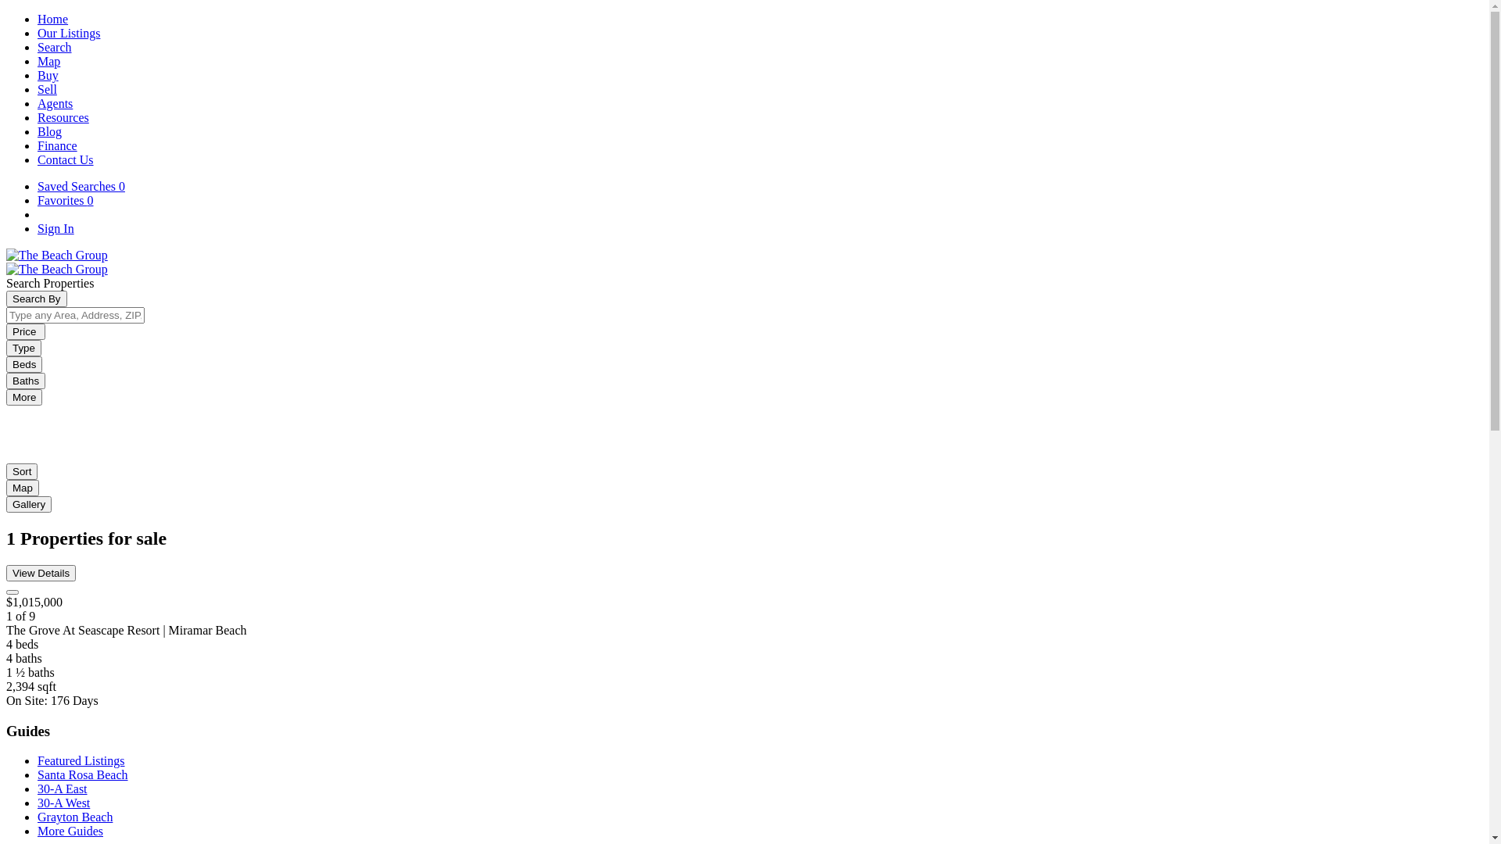 Image resolution: width=1501 pixels, height=844 pixels. What do you see at coordinates (41, 573) in the screenshot?
I see `'View Details'` at bounding box center [41, 573].